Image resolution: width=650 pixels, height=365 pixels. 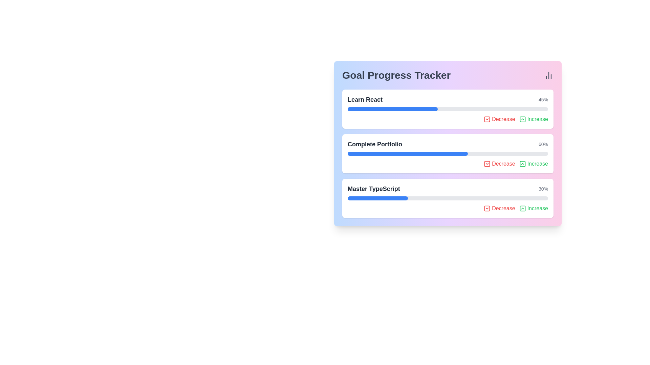 What do you see at coordinates (448, 109) in the screenshot?
I see `the progress bar located in the first card of the goal tracker interface, which is below the text 'Learn React' and above the control buttons 'Decrease' and 'Increase'` at bounding box center [448, 109].